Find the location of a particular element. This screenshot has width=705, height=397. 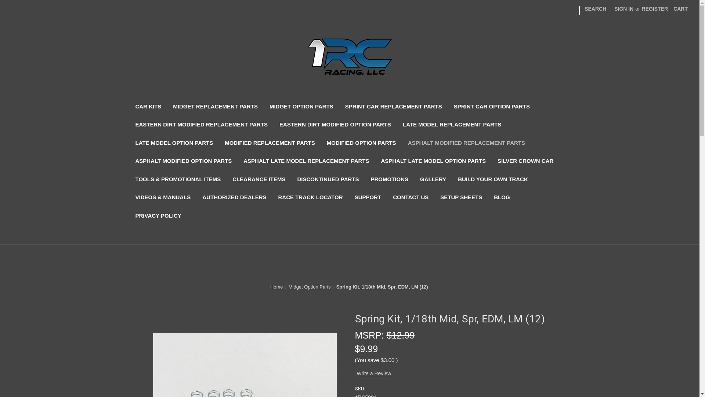

'SUPPORT' is located at coordinates (368, 198).